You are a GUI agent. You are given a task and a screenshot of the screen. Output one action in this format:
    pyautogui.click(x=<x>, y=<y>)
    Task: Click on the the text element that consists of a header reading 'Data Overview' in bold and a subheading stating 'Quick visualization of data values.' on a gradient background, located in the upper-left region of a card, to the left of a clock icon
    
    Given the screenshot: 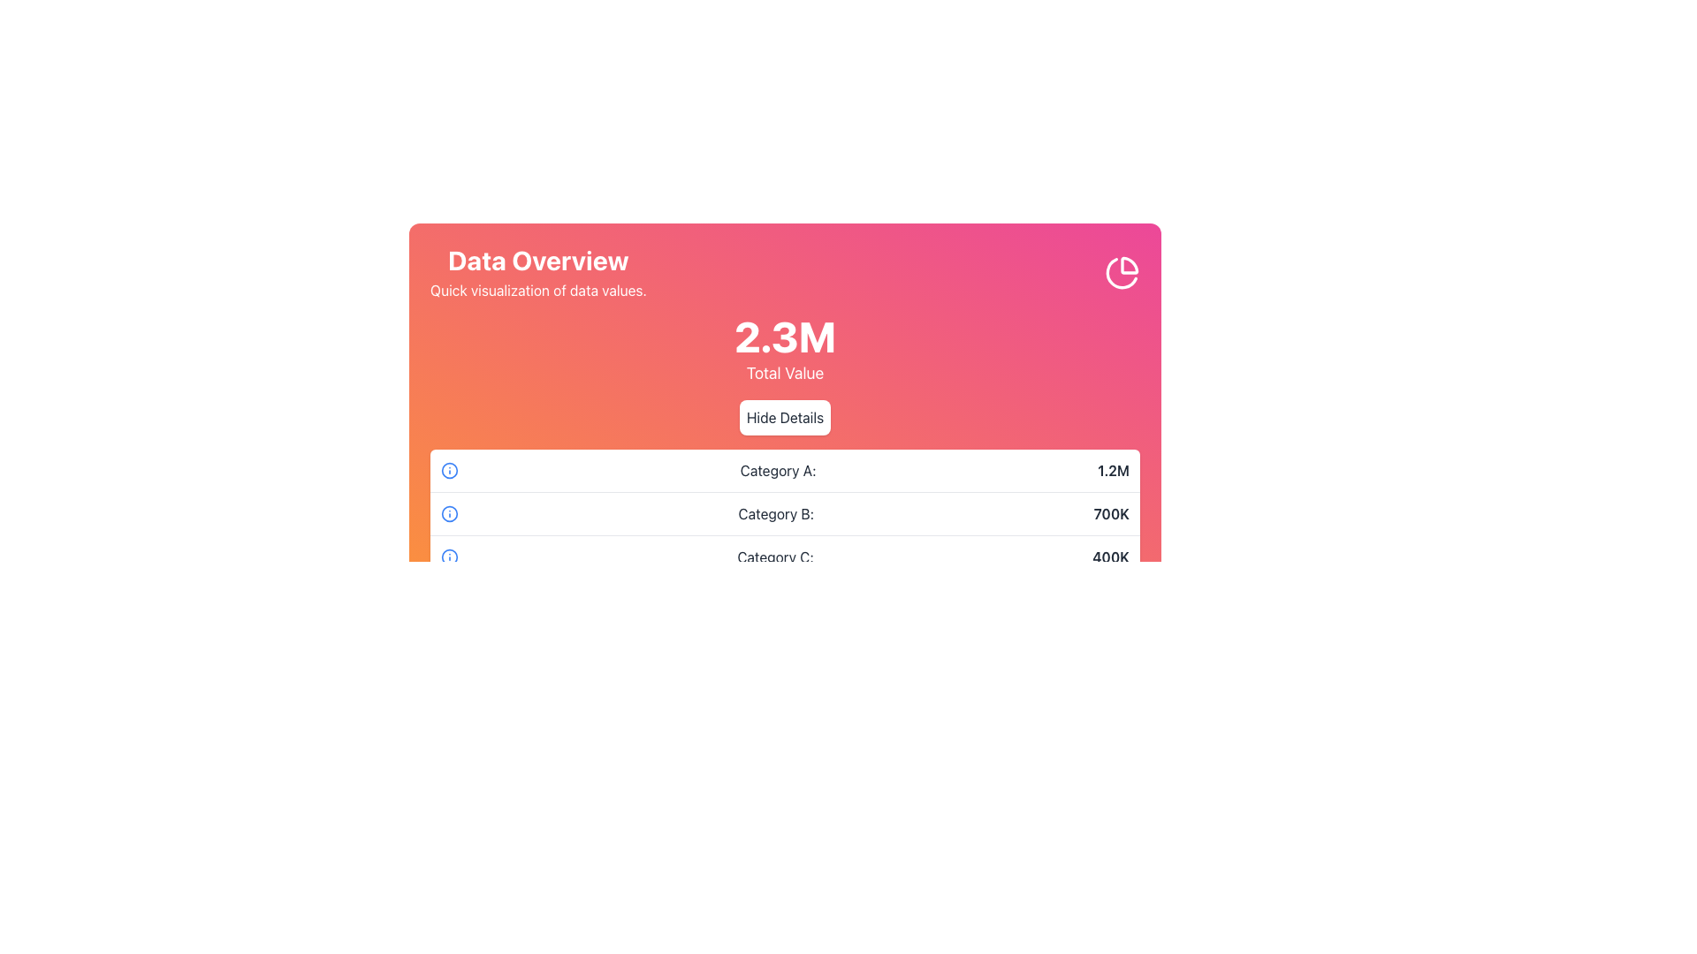 What is the action you would take?
    pyautogui.click(x=537, y=272)
    